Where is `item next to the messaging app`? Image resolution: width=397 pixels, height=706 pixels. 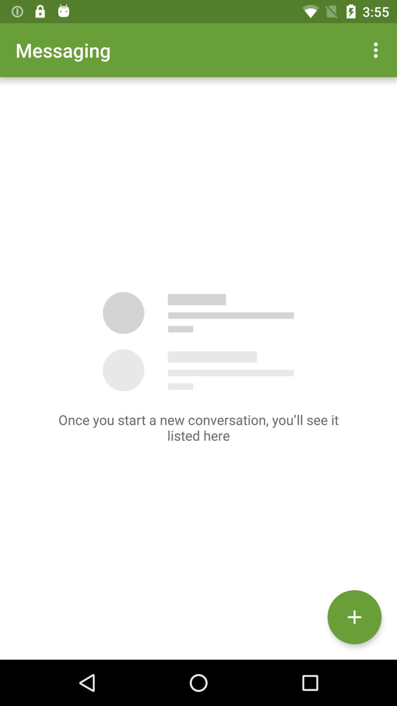 item next to the messaging app is located at coordinates (378, 50).